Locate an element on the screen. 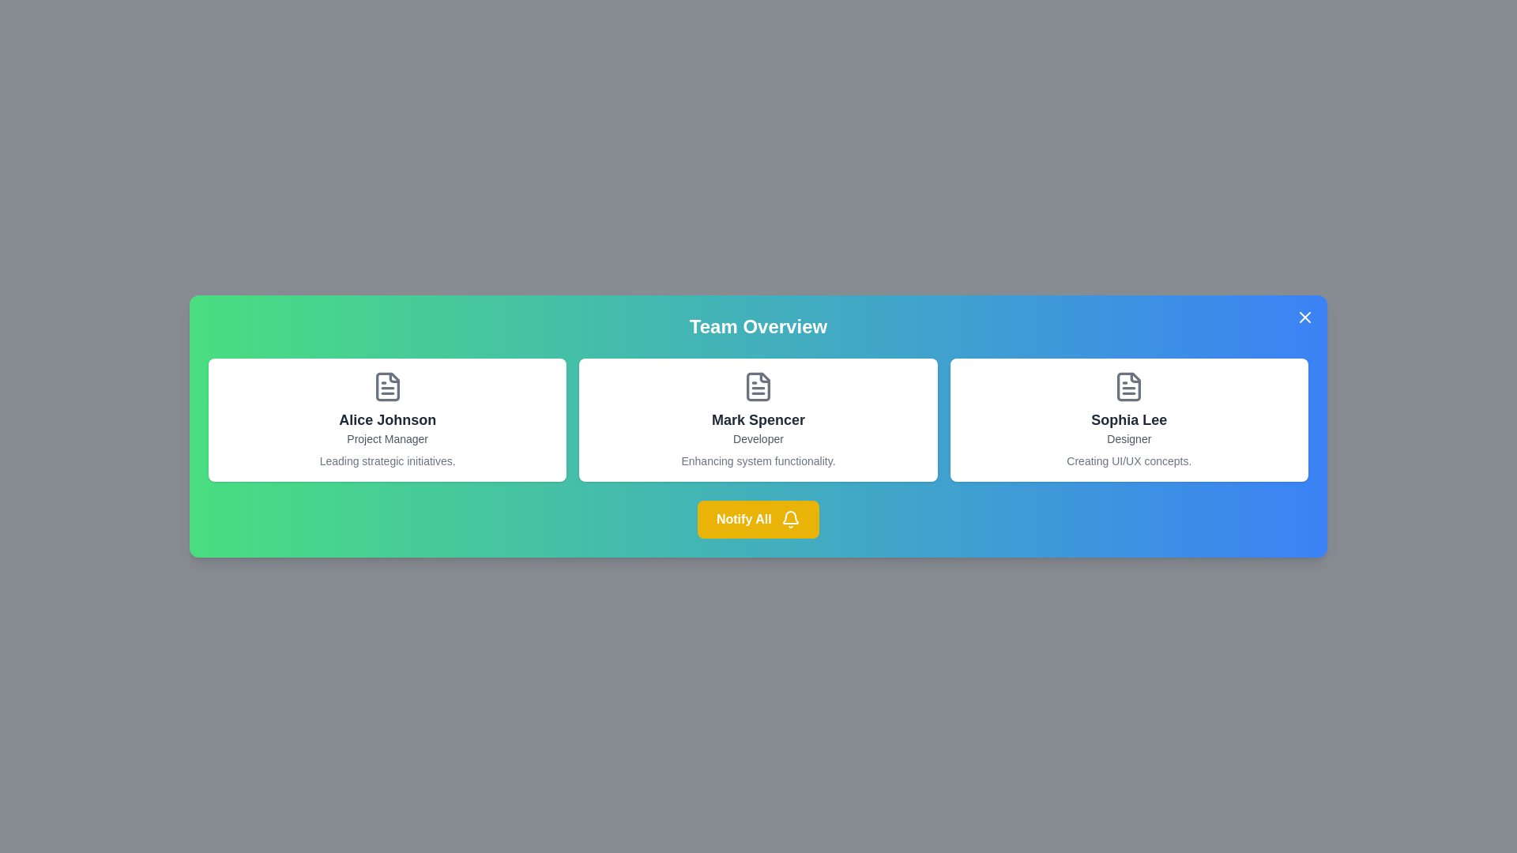 Image resolution: width=1517 pixels, height=853 pixels. the close button at the top-right corner of the dialog is located at coordinates (1304, 317).